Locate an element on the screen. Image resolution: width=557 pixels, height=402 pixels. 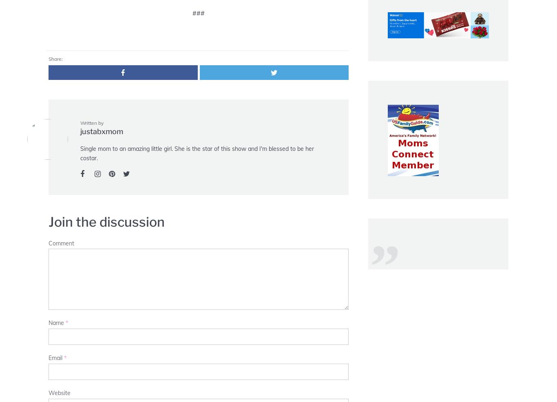
'justabxmom' is located at coordinates (102, 131).